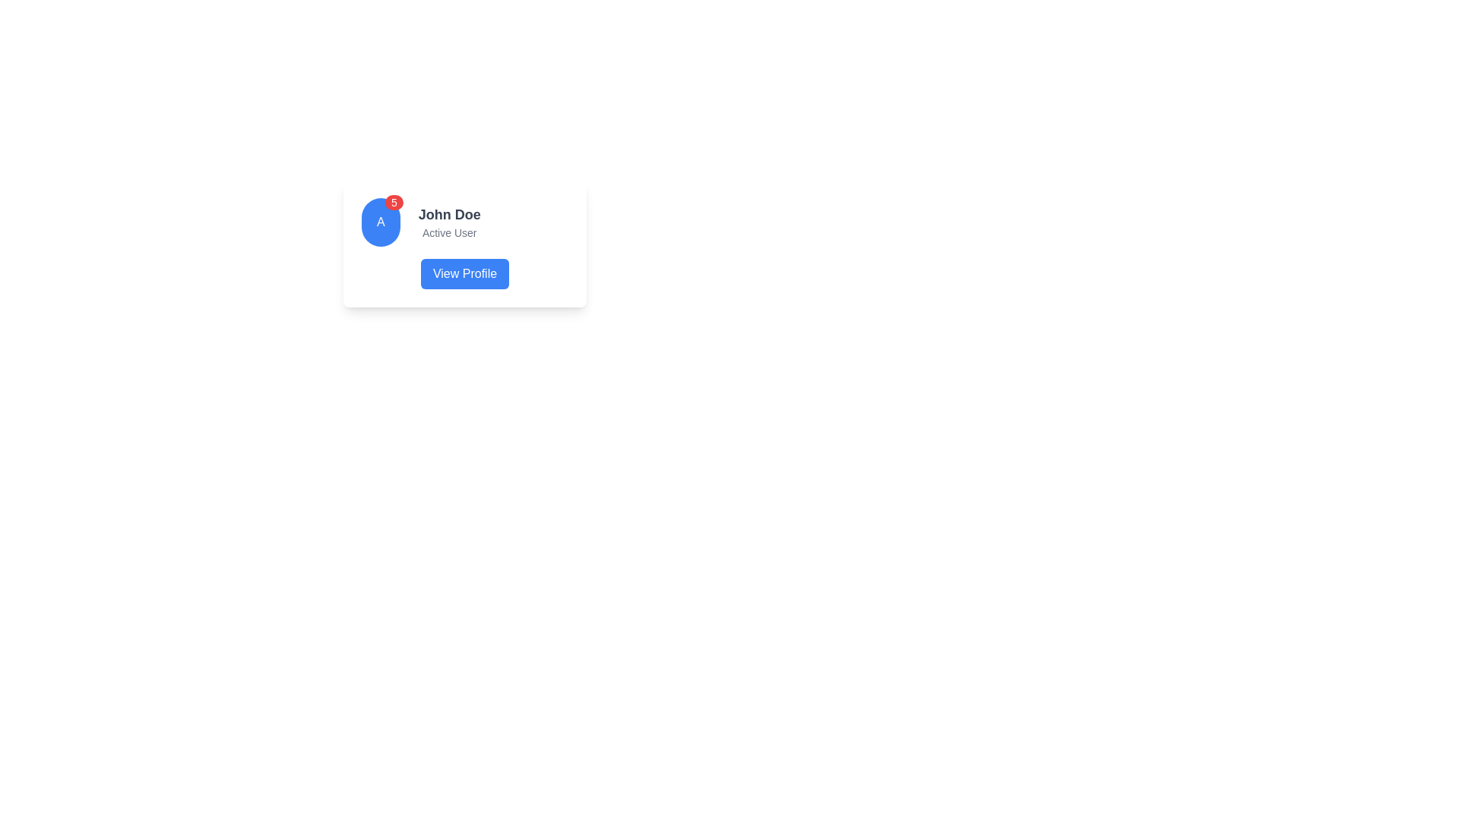 The image size is (1459, 820). Describe the element at coordinates (464, 274) in the screenshot. I see `the navigation button located at the bottom of the user details card` at that location.